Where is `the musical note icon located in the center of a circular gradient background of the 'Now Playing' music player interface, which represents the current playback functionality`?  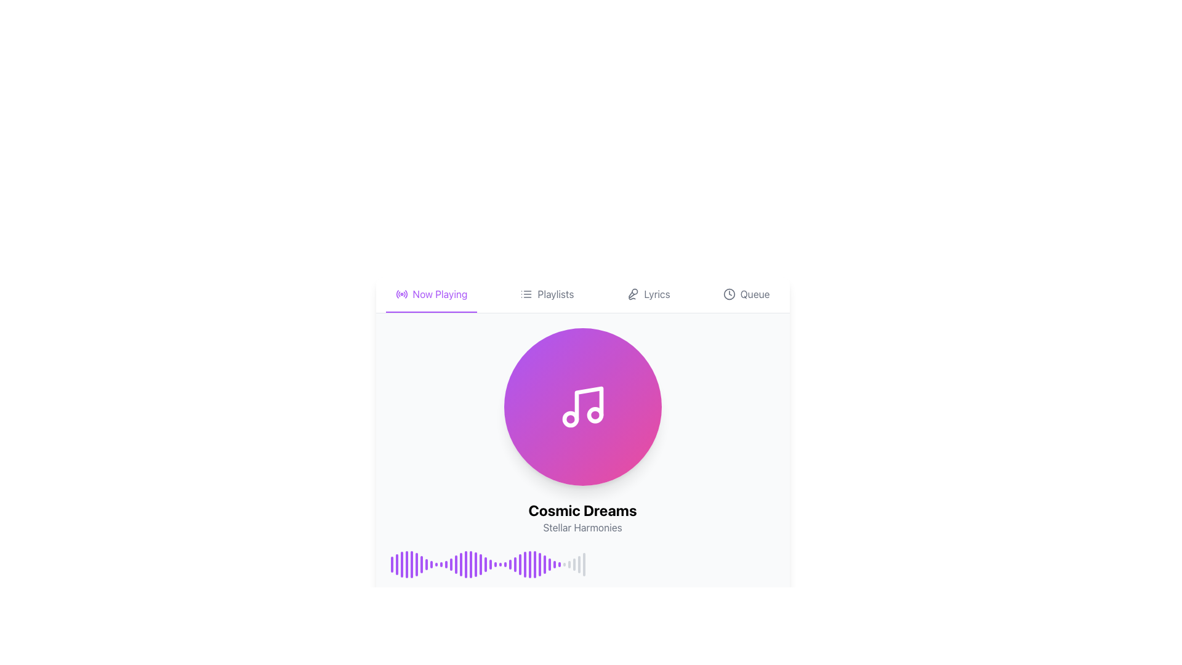
the musical note icon located in the center of a circular gradient background of the 'Now Playing' music player interface, which represents the current playback functionality is located at coordinates (582, 406).